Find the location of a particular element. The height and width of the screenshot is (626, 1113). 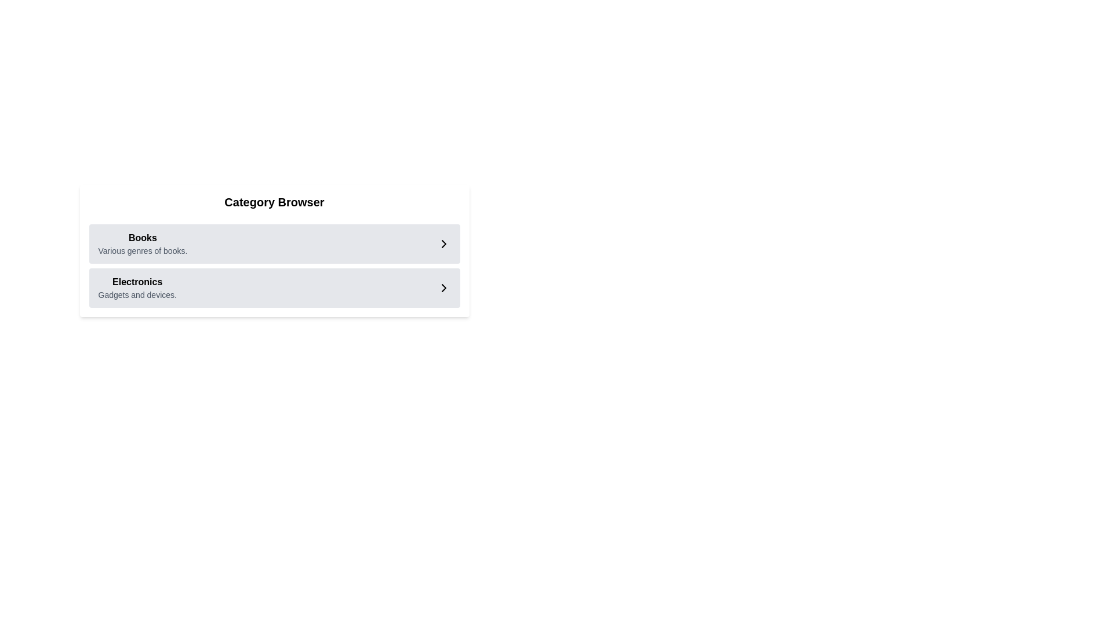

the category label and description element for Books, positioned within the first item of a vertical list of categories, to possibly reveal additional options is located at coordinates (142, 243).